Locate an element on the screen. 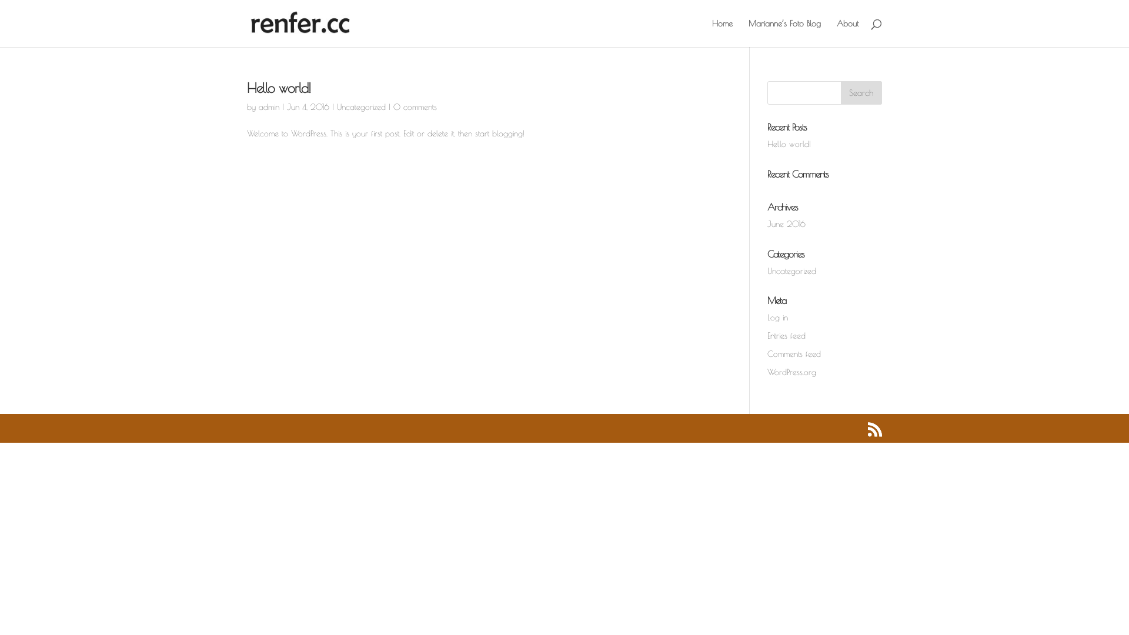  'Entries feed' is located at coordinates (786, 335).